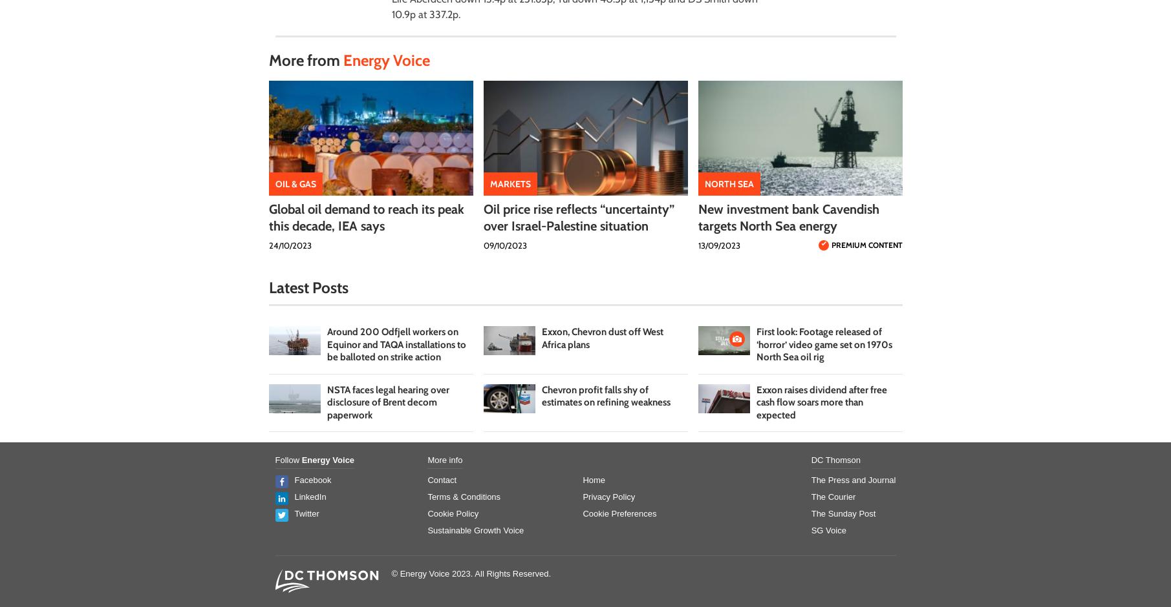 The height and width of the screenshot is (607, 1171). Describe the element at coordinates (475, 530) in the screenshot. I see `'Sustainable Growth Voice'` at that location.